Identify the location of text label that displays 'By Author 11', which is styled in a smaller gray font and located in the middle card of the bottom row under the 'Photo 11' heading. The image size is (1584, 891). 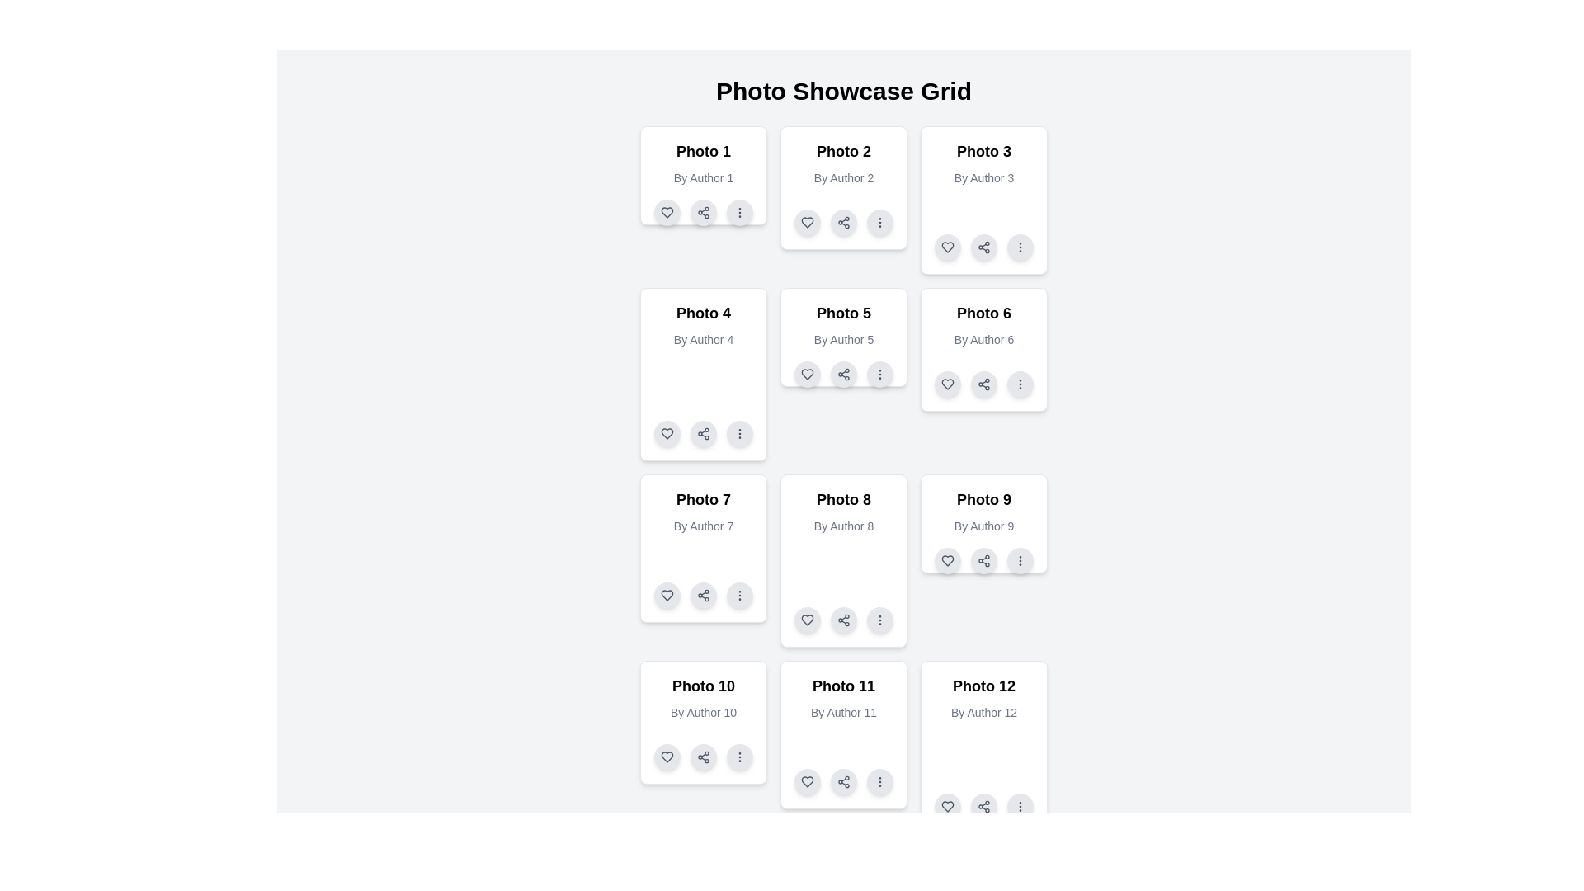
(843, 712).